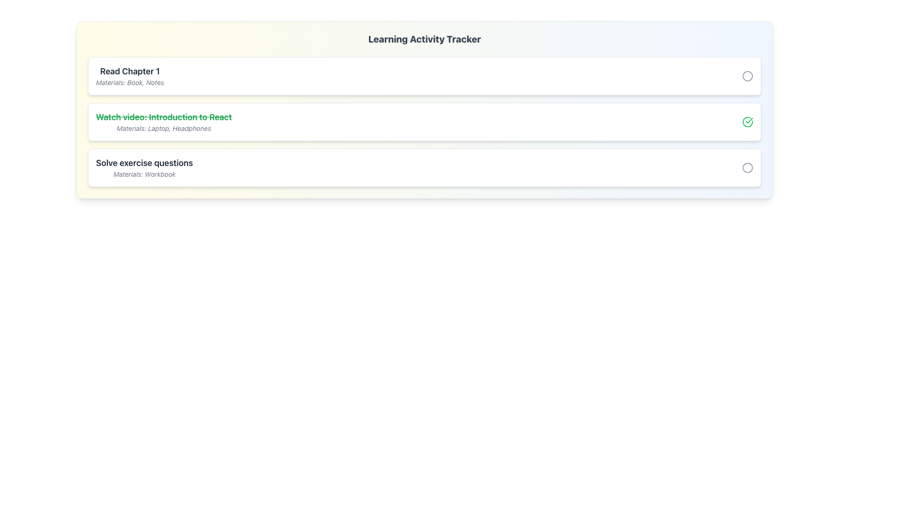  Describe the element at coordinates (144, 174) in the screenshot. I see `the text label that specifies the materials needed for 'Solve exercise questions' as 'Workbook', located in the third row of the list, below the main title` at that location.